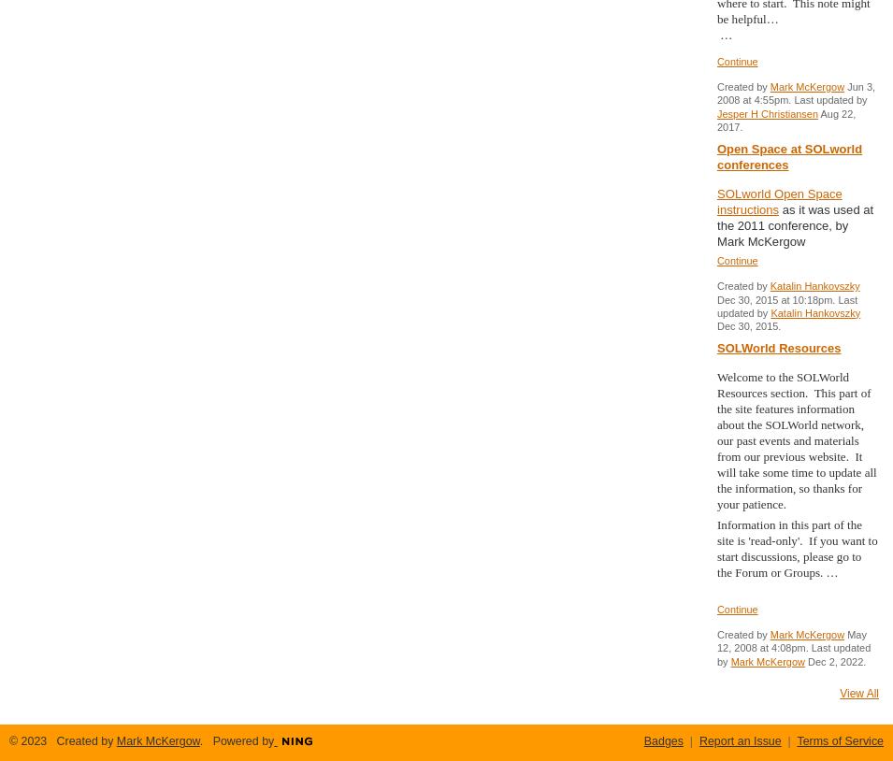 The width and height of the screenshot is (893, 761). I want to click on 'Aug 22, 2017.', so click(785, 118).